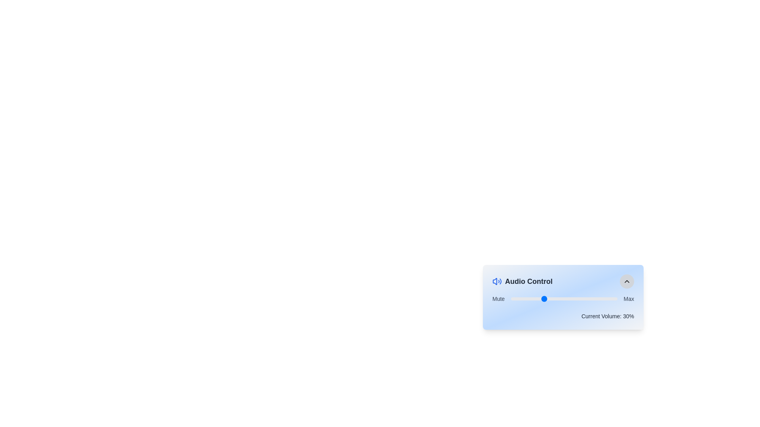 This screenshot has height=427, width=760. What do you see at coordinates (551, 299) in the screenshot?
I see `the volume level` at bounding box center [551, 299].